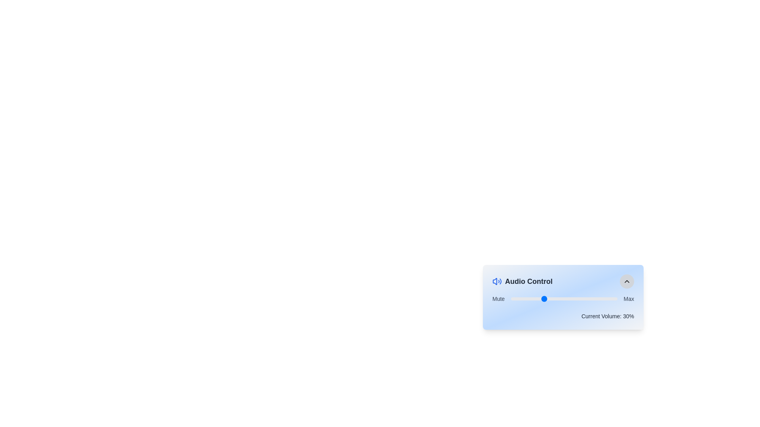 This screenshot has height=427, width=760. What do you see at coordinates (551, 299) in the screenshot?
I see `the volume level` at bounding box center [551, 299].